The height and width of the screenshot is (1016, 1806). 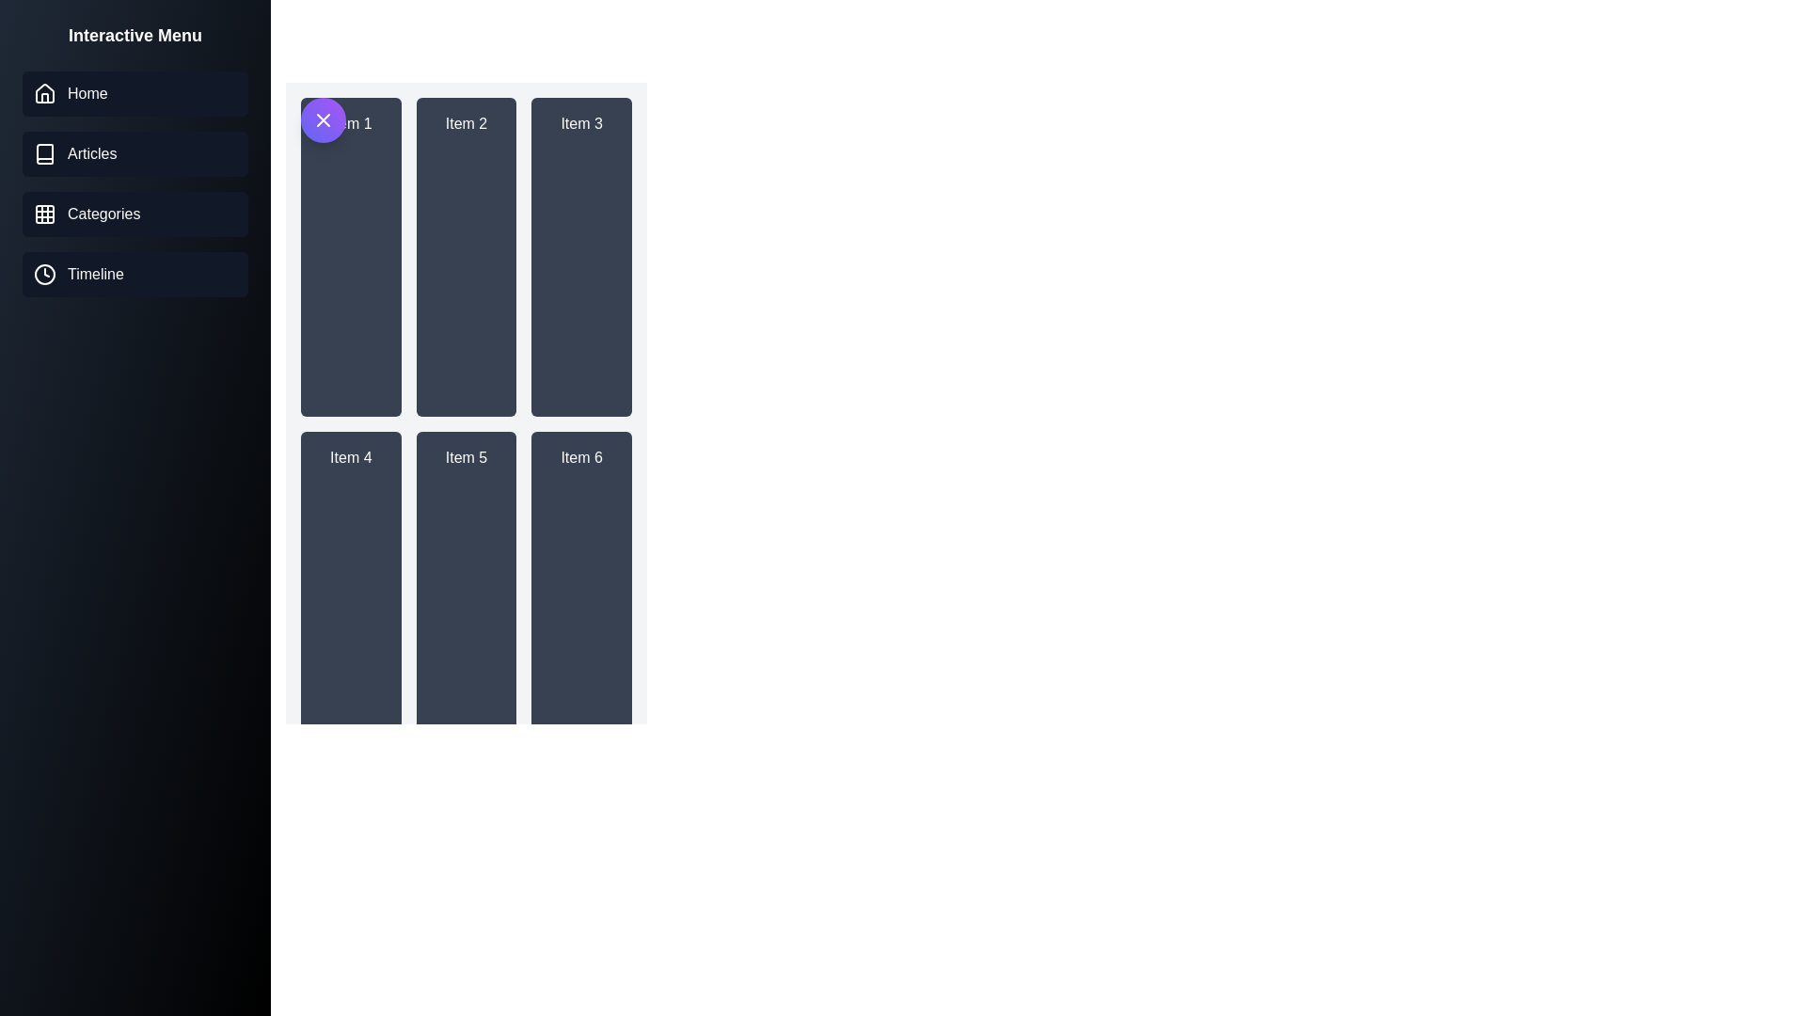 What do you see at coordinates (135, 213) in the screenshot?
I see `the Categories menu item in the menu` at bounding box center [135, 213].